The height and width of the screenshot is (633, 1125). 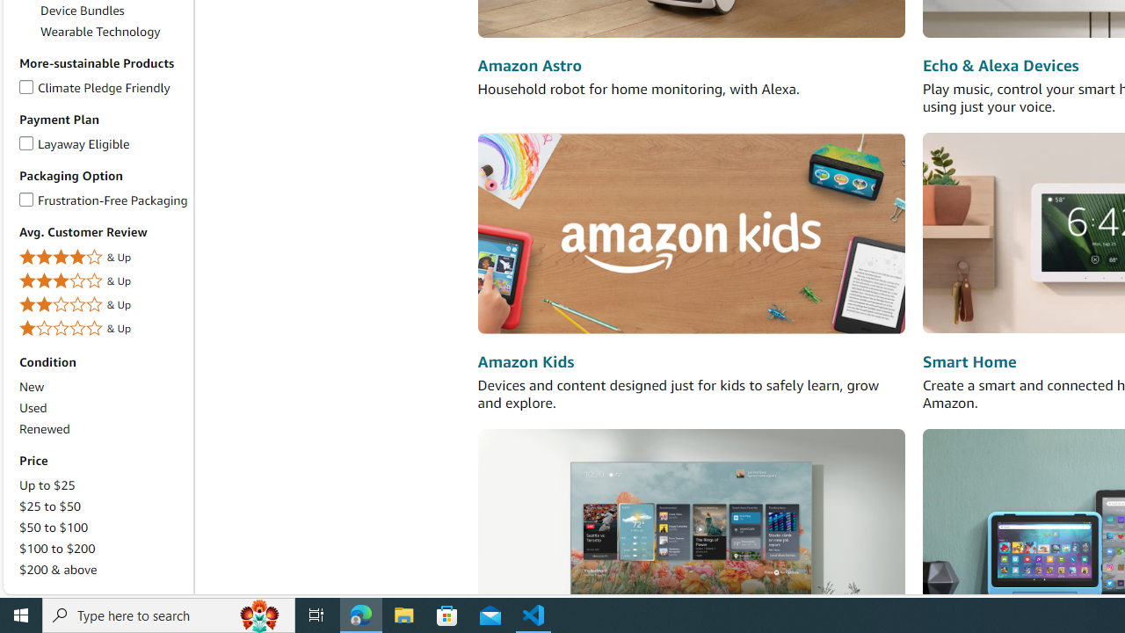 I want to click on 'Device Bundles', so click(x=82, y=10).